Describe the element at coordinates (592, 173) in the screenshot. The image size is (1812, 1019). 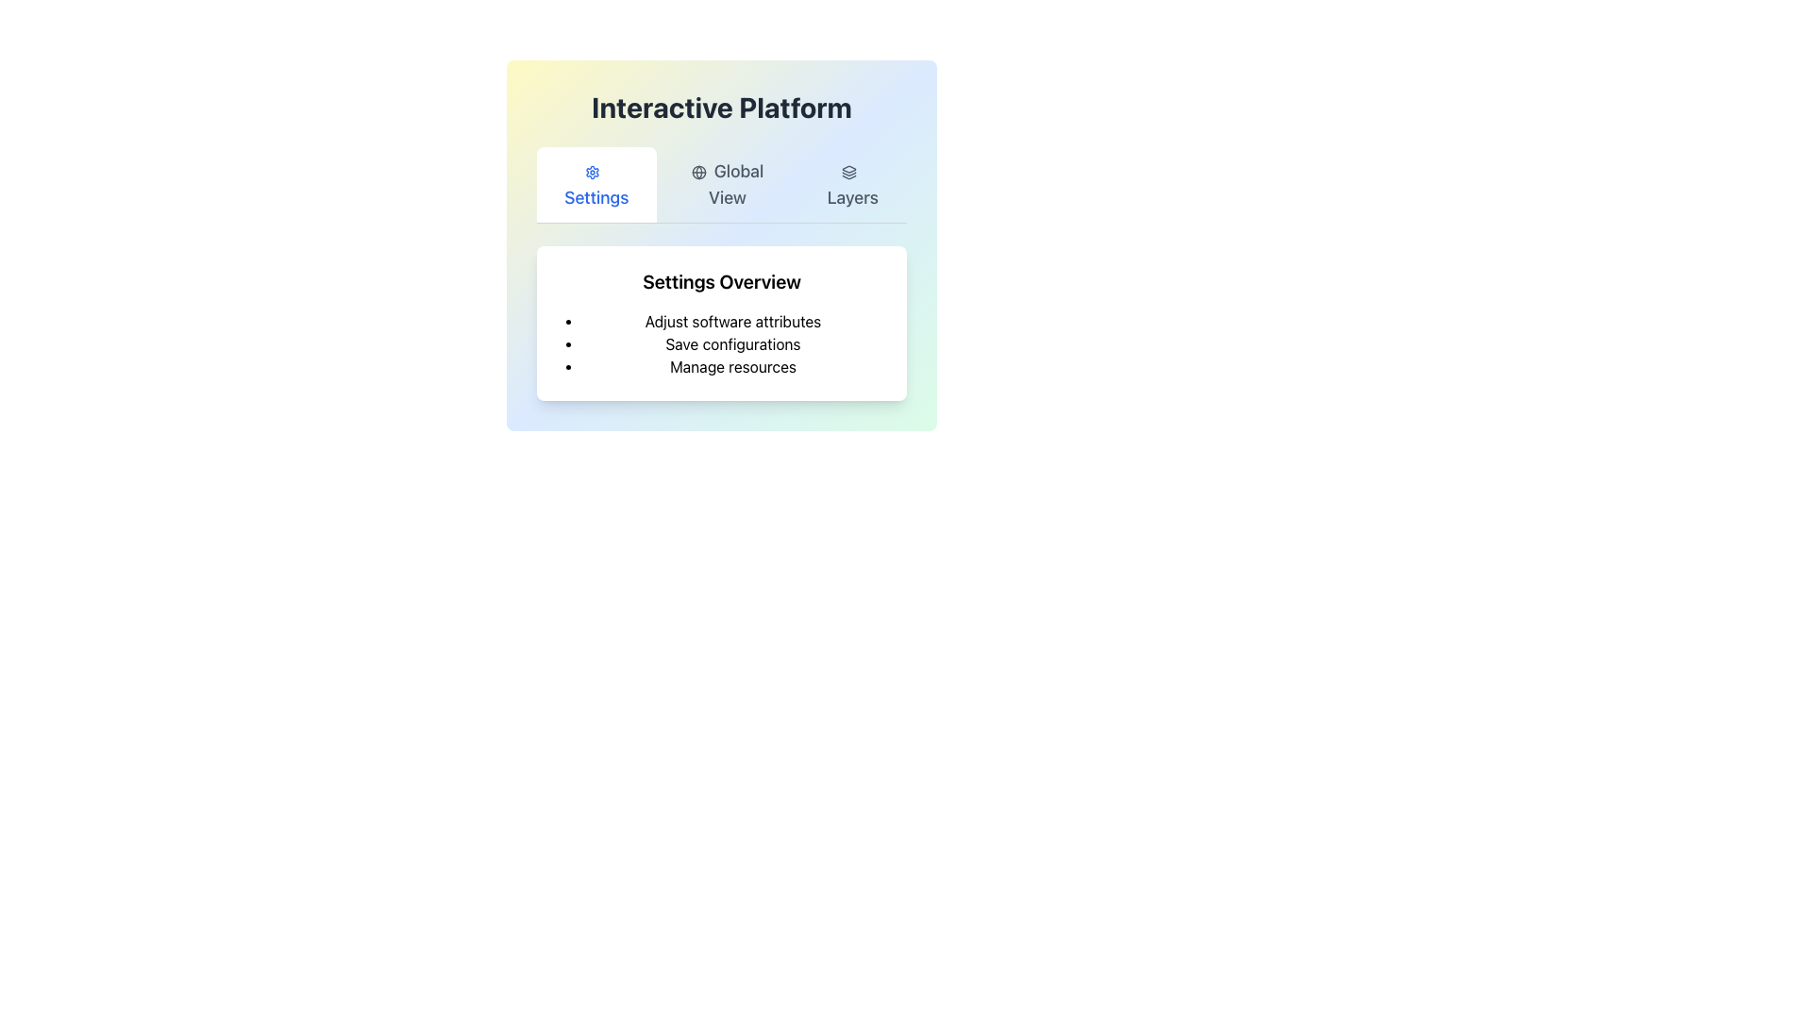
I see `the gear-shaped icon in the 'Settings' section` at that location.